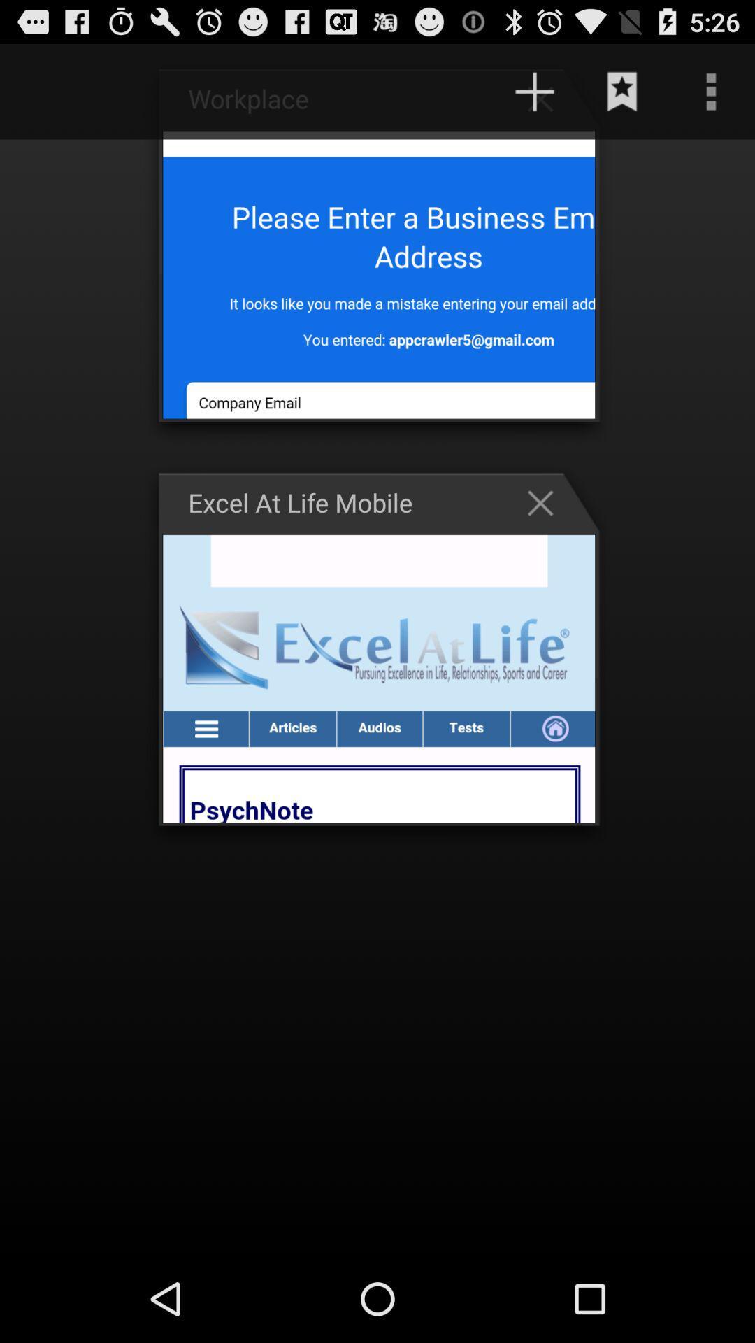 This screenshot has width=755, height=1343. What do you see at coordinates (534, 97) in the screenshot?
I see `the add icon` at bounding box center [534, 97].